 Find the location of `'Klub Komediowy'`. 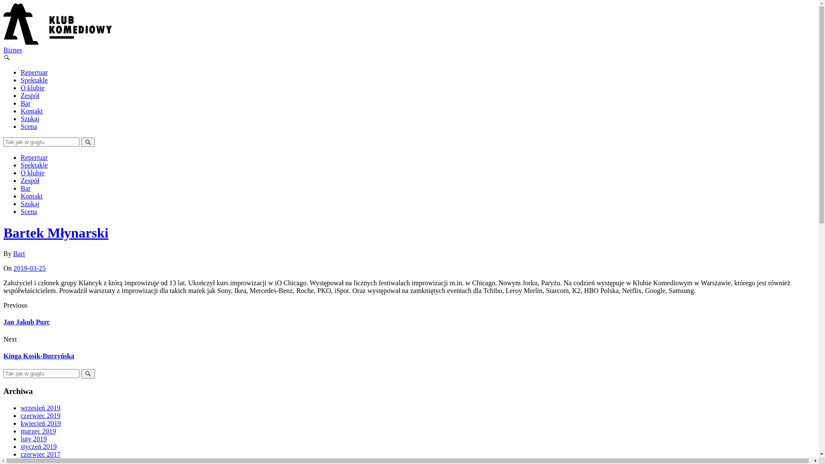

'Klub Komediowy' is located at coordinates (57, 42).